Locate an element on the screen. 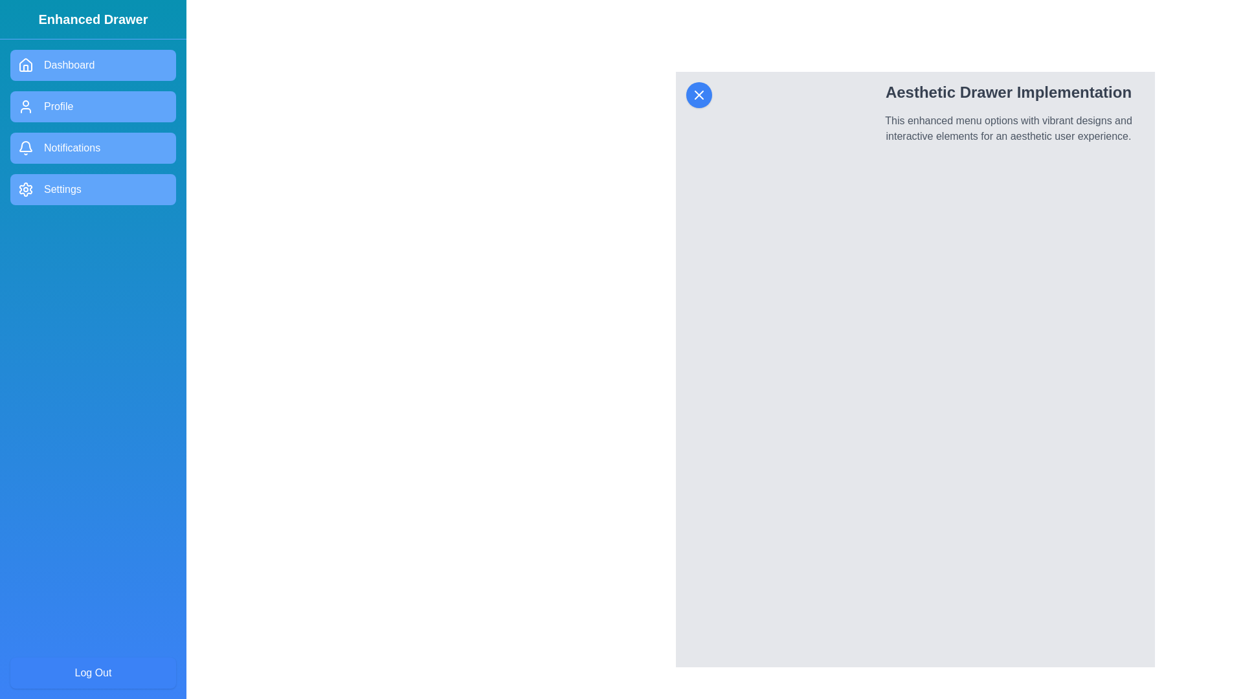 This screenshot has height=699, width=1243. the 'Notifications' button that contains the bell icon, located in the vertical menu on the left side of the interface is located at coordinates (25, 146).